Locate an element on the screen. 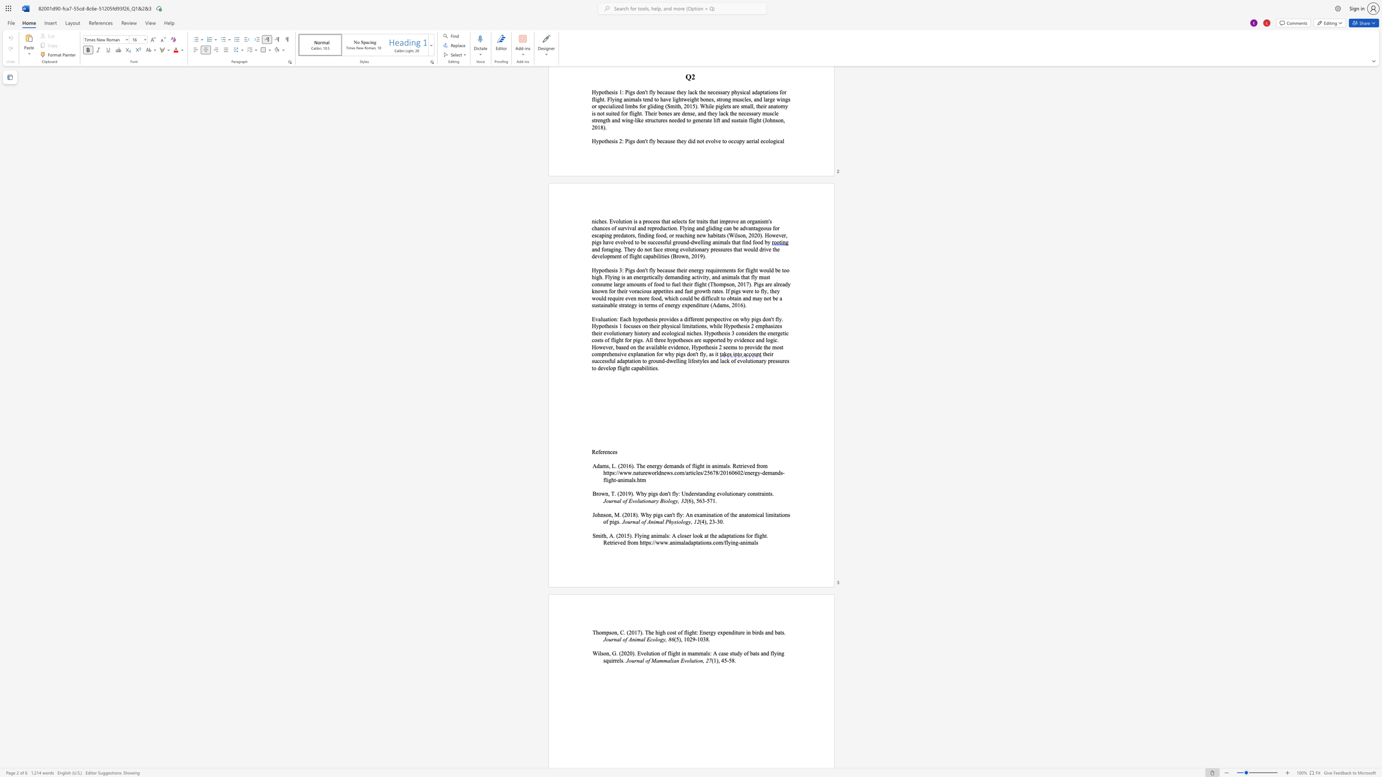  the subset text "evolutionary constra" within the text "fly: Understanding evolutionary constraints." is located at coordinates (717, 493).